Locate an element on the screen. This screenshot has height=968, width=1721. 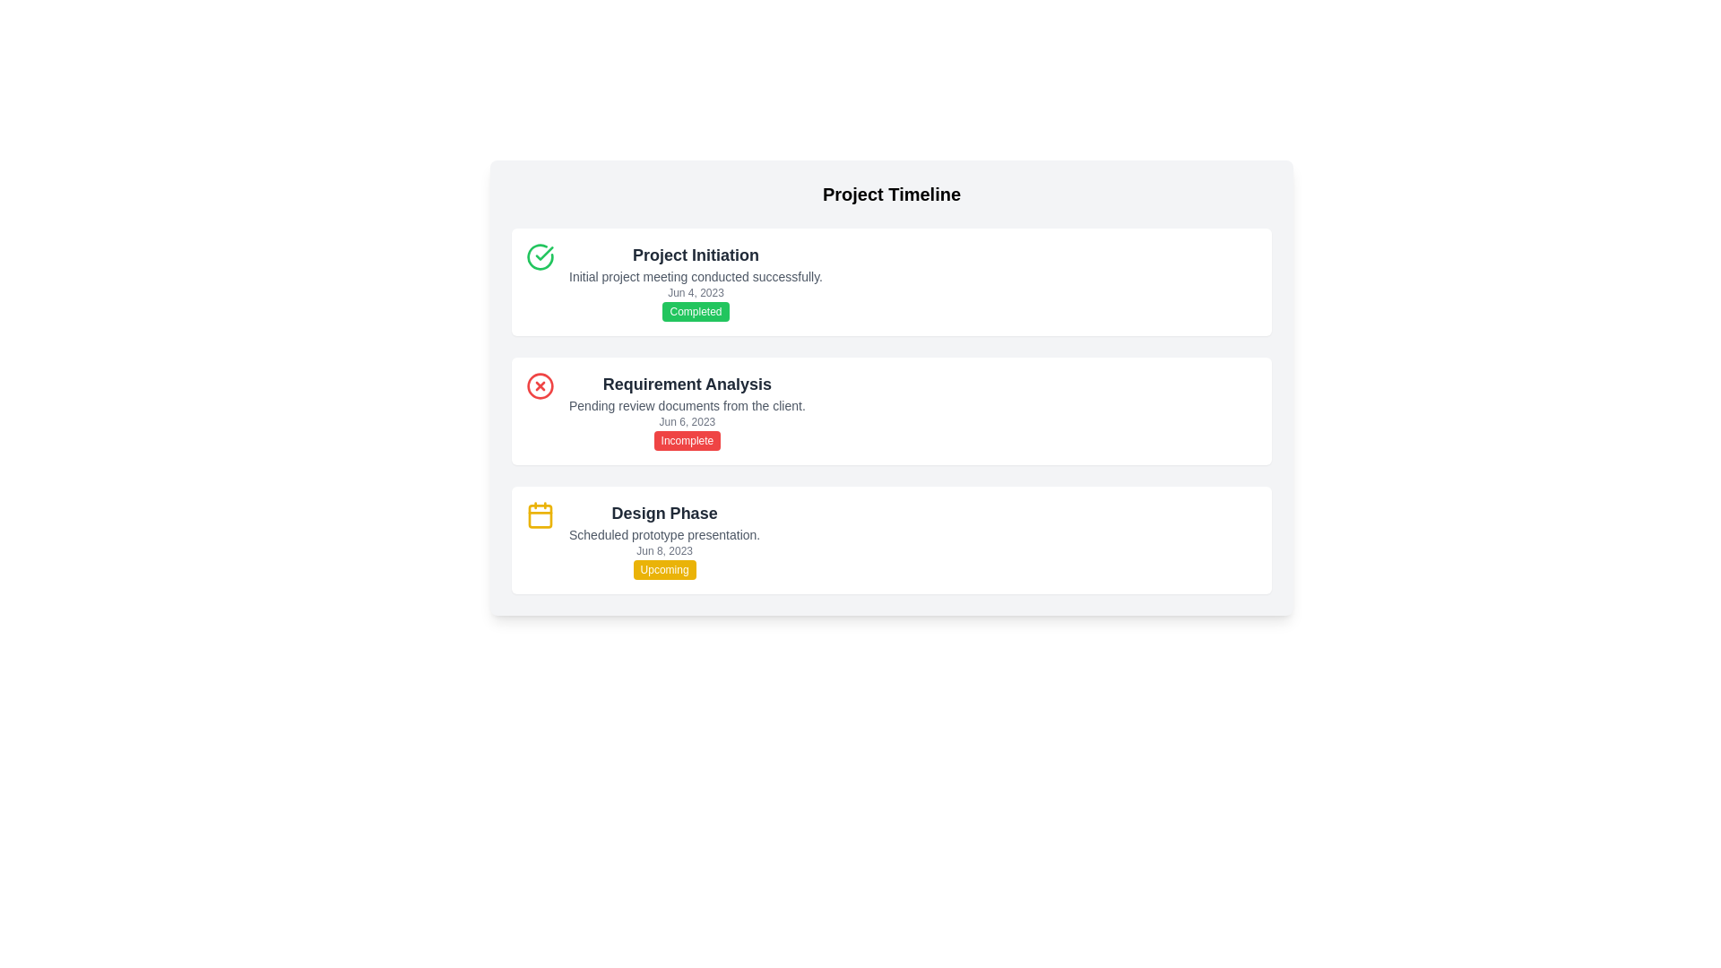
the topmost card entry in the vertical timeline structure that summarizes the completed project task 'Project Initiation' for additional context is located at coordinates (695, 282).